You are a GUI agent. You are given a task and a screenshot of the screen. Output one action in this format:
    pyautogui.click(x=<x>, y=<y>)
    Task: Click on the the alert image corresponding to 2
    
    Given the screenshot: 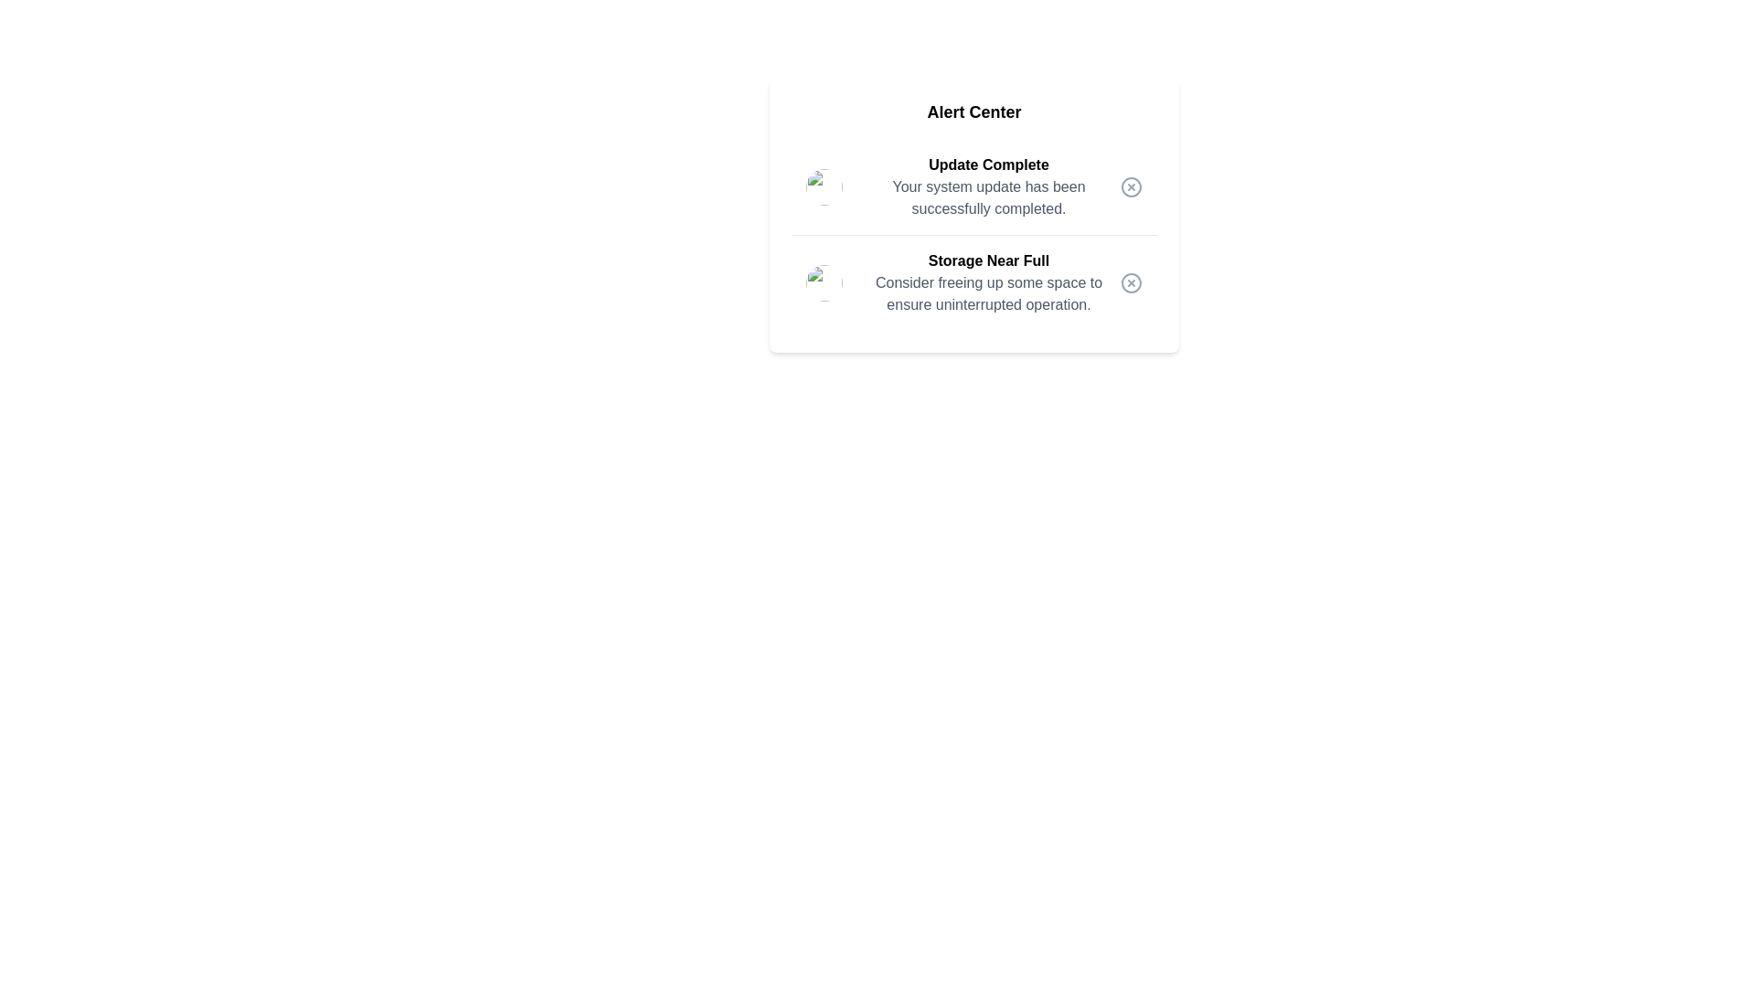 What is the action you would take?
    pyautogui.click(x=824, y=282)
    